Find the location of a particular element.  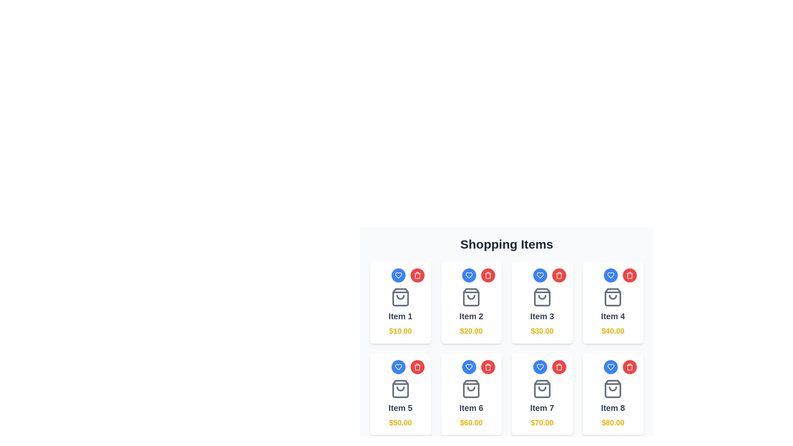

text content of the price label displaying '$50.00' located directly below the 'Item 5' text in the bottom-left item card of the grid layout is located at coordinates (400, 422).